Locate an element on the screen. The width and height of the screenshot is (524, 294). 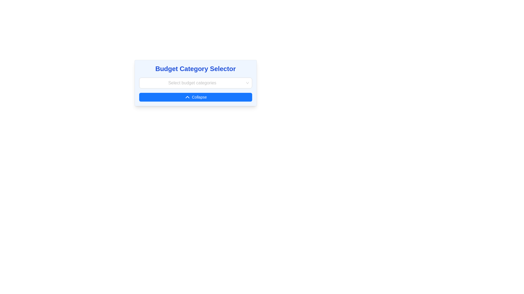
into the input area of the Dropdown menu for selecting budget categories located under the title 'Budget Category Selector' and above the 'Collapse' button is located at coordinates (195, 83).